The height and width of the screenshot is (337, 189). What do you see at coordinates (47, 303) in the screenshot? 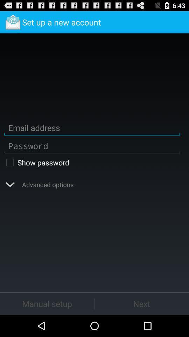
I see `manual setup button` at bounding box center [47, 303].